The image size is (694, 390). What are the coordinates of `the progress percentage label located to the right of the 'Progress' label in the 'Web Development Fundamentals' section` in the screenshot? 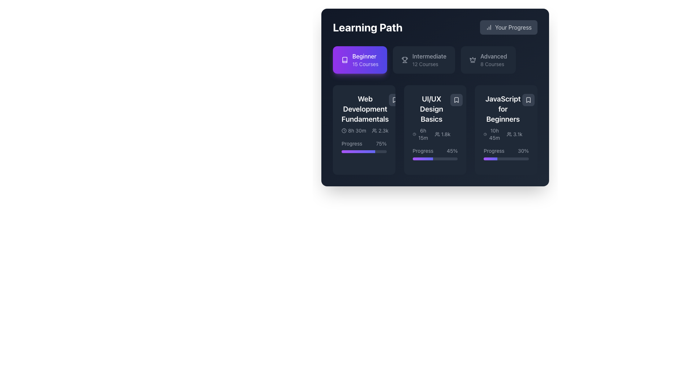 It's located at (381, 143).